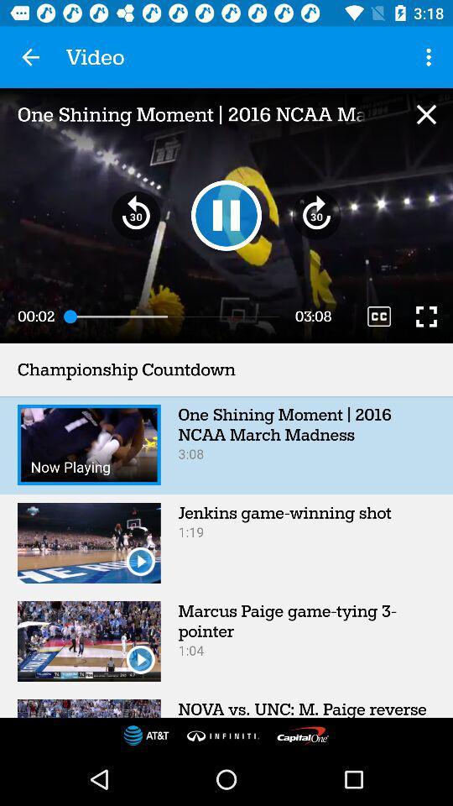 This screenshot has height=806, width=453. I want to click on or pause the video, so click(226, 214).